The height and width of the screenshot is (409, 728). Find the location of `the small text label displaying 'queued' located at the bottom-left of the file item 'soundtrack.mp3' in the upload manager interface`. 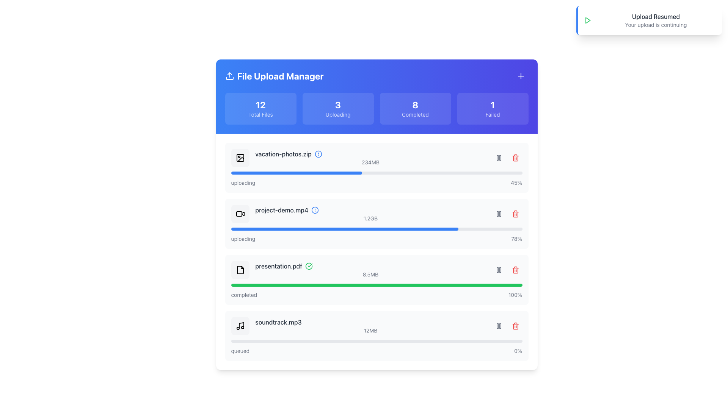

the small text label displaying 'queued' located at the bottom-left of the file item 'soundtrack.mp3' in the upload manager interface is located at coordinates (240, 351).